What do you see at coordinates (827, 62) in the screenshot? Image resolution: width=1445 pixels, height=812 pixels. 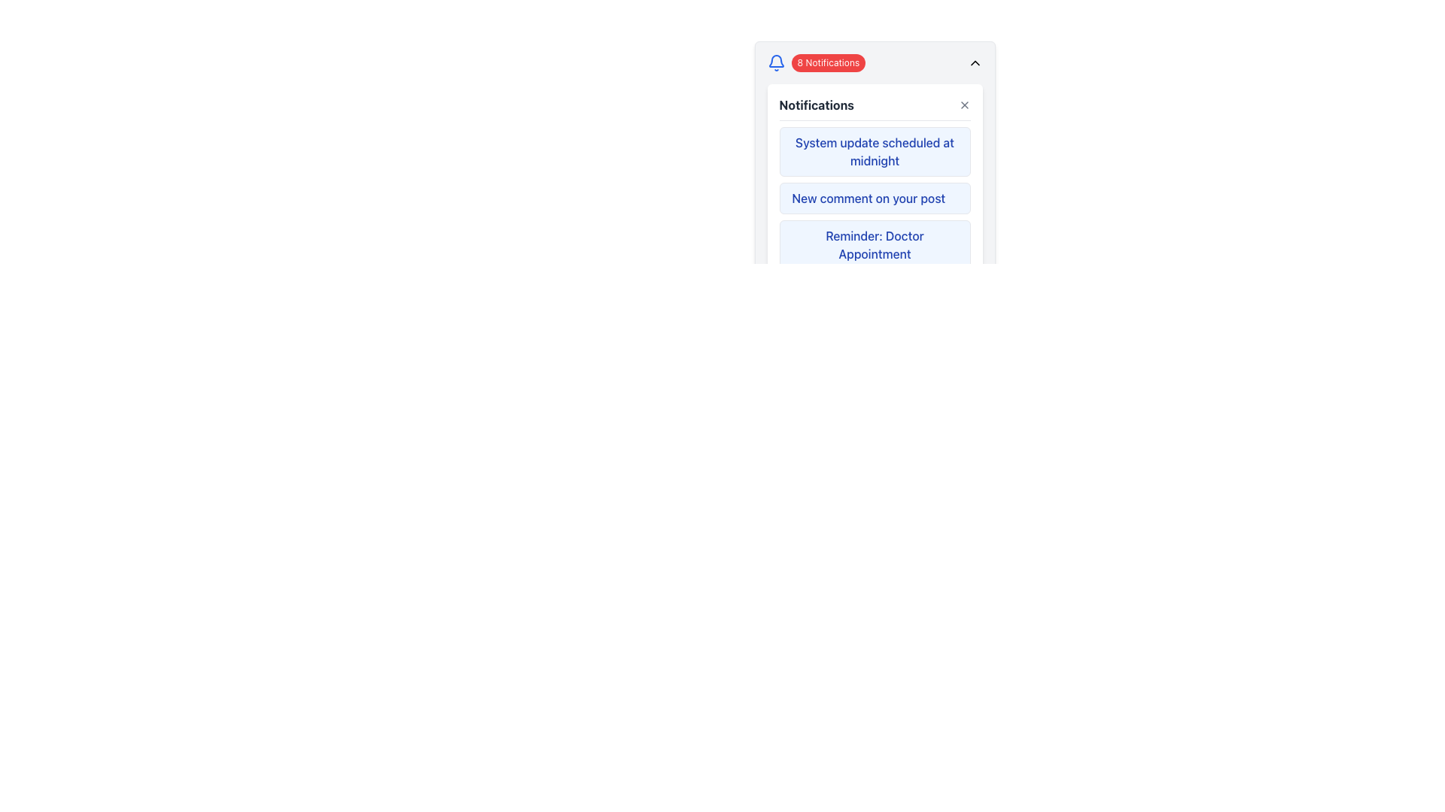 I see `the Notification Badge with red background and '8 Notifications' text, located to the right of the blue notification bell icon` at bounding box center [827, 62].